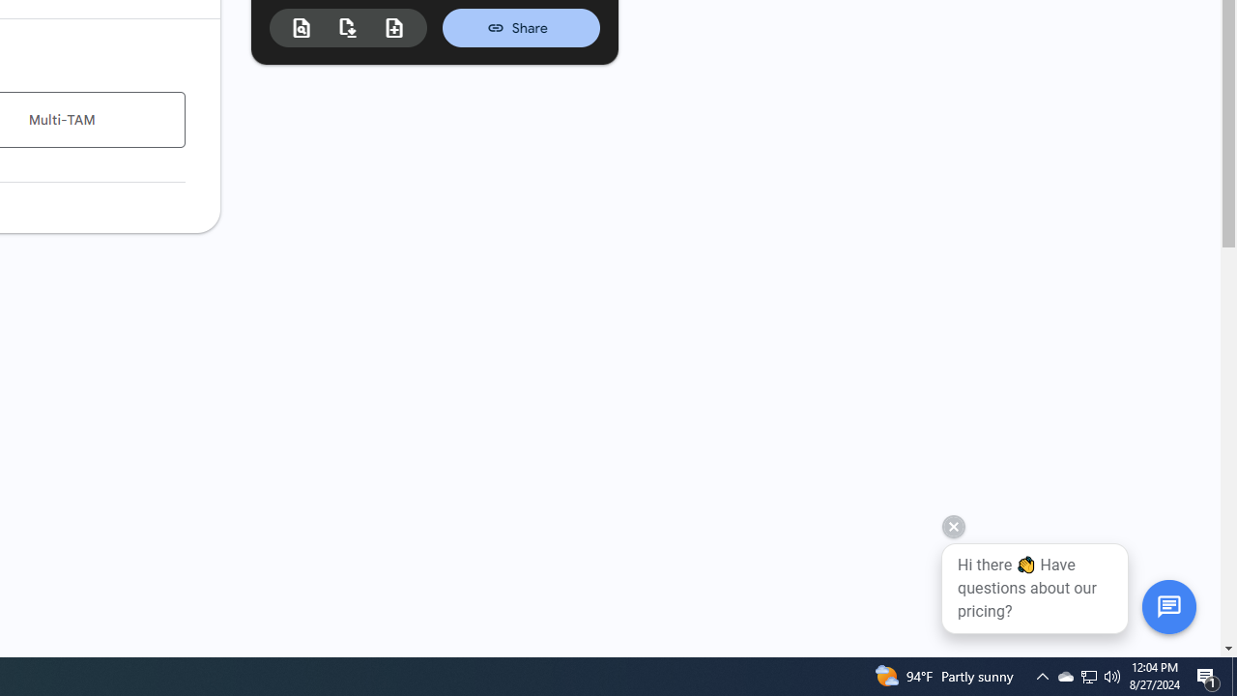  What do you see at coordinates (301, 28) in the screenshot?
I see `'Open detailed view'` at bounding box center [301, 28].